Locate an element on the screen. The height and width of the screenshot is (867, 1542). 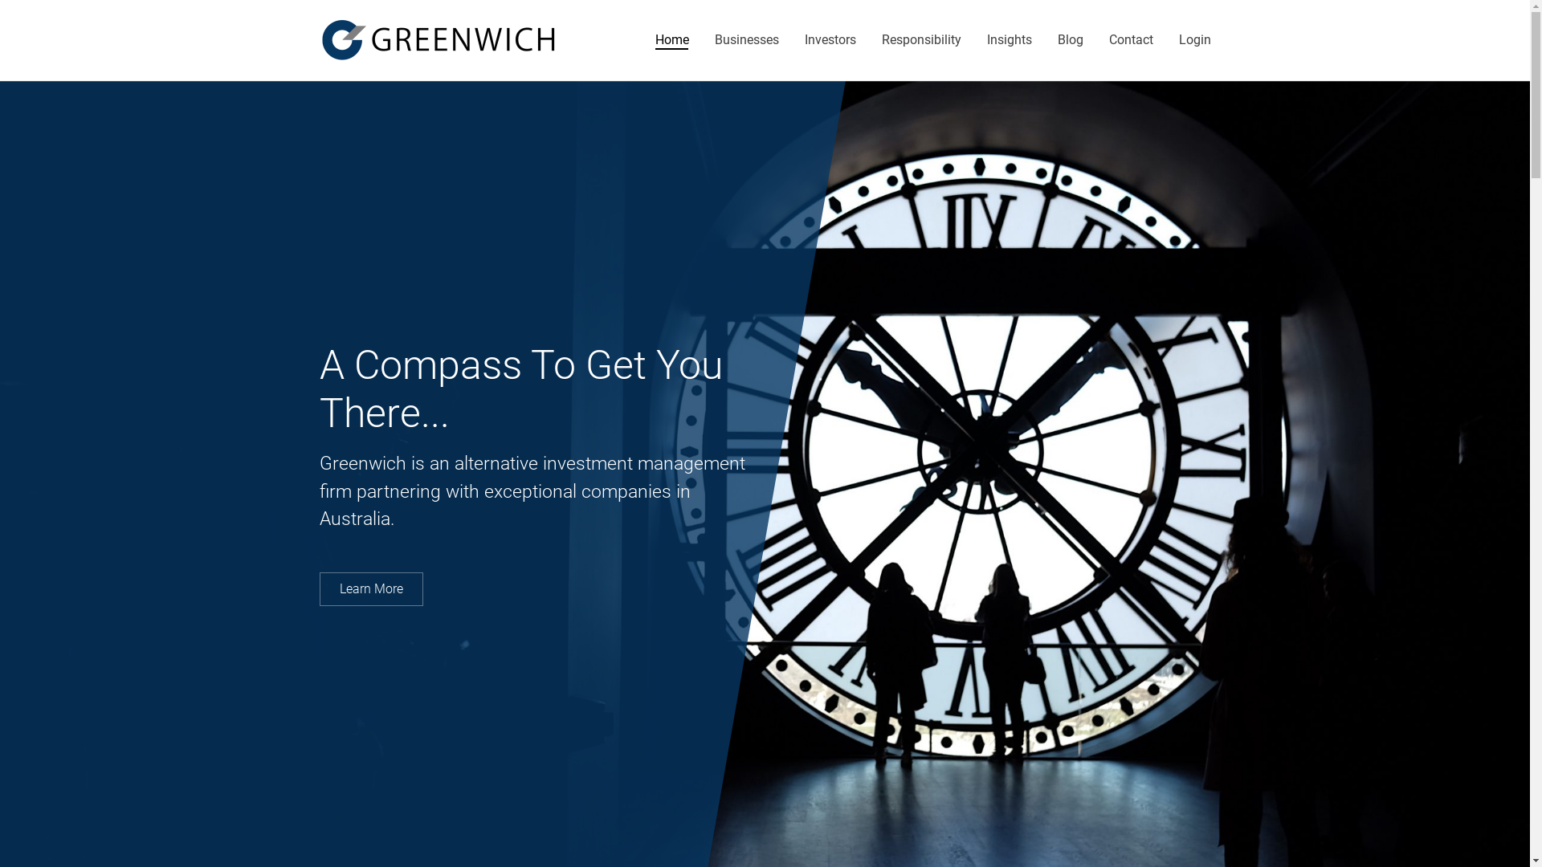
'Home' is located at coordinates (671, 39).